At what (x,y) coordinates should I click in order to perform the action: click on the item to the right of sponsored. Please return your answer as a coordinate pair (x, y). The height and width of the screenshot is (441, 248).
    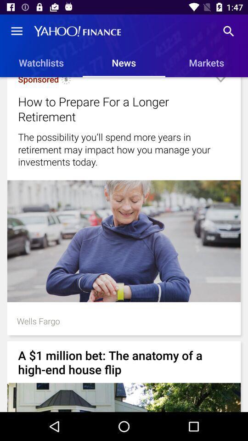
    Looking at the image, I should click on (66, 82).